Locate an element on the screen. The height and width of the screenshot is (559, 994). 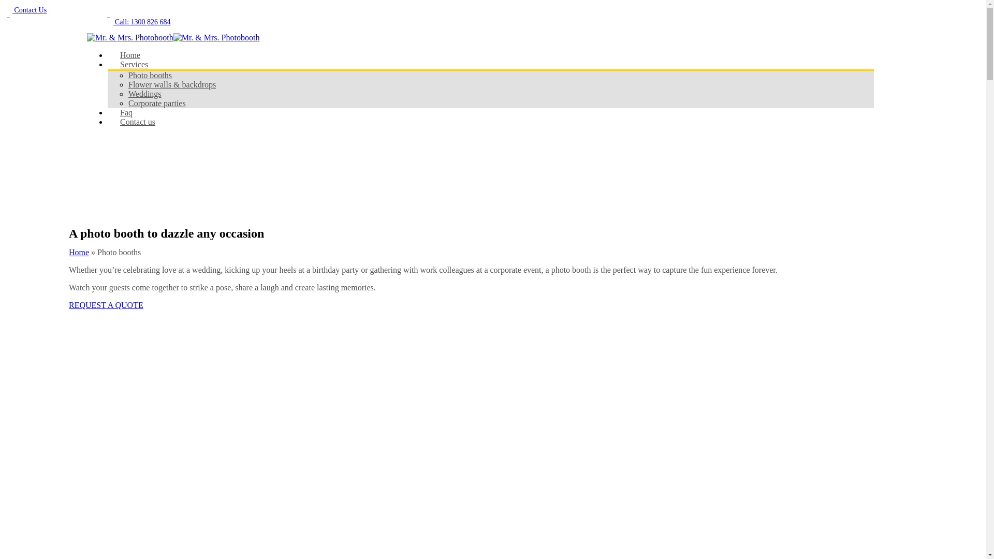
'Weddings' is located at coordinates (144, 94).